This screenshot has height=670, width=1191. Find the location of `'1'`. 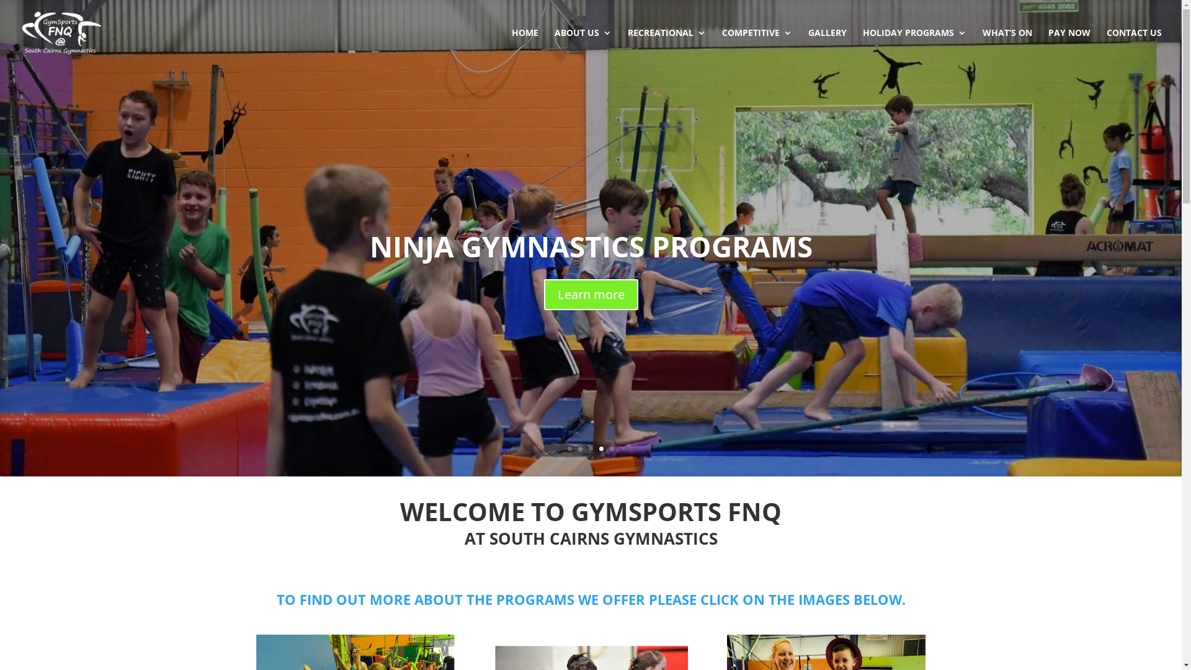

'1' is located at coordinates (569, 449).